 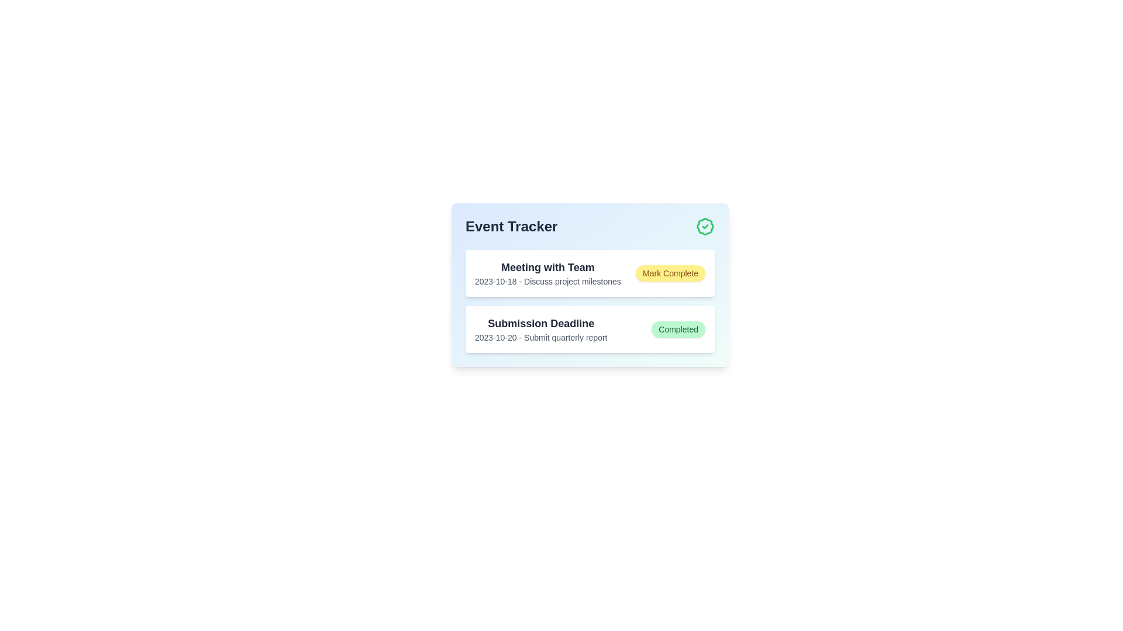 What do you see at coordinates (678, 329) in the screenshot?
I see `the status indicator badge located to the far right of the 'Submission Deadline' row, adjacent to the text '2023-10-20 - Submit quarterly report'` at bounding box center [678, 329].